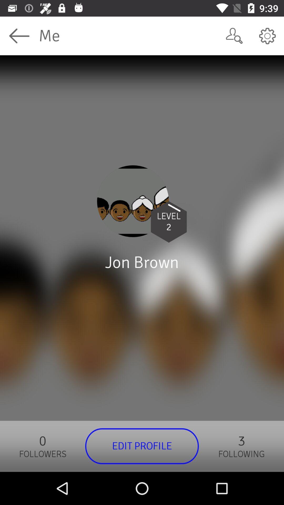 This screenshot has height=505, width=284. I want to click on app to the left of the me app, so click(19, 36).